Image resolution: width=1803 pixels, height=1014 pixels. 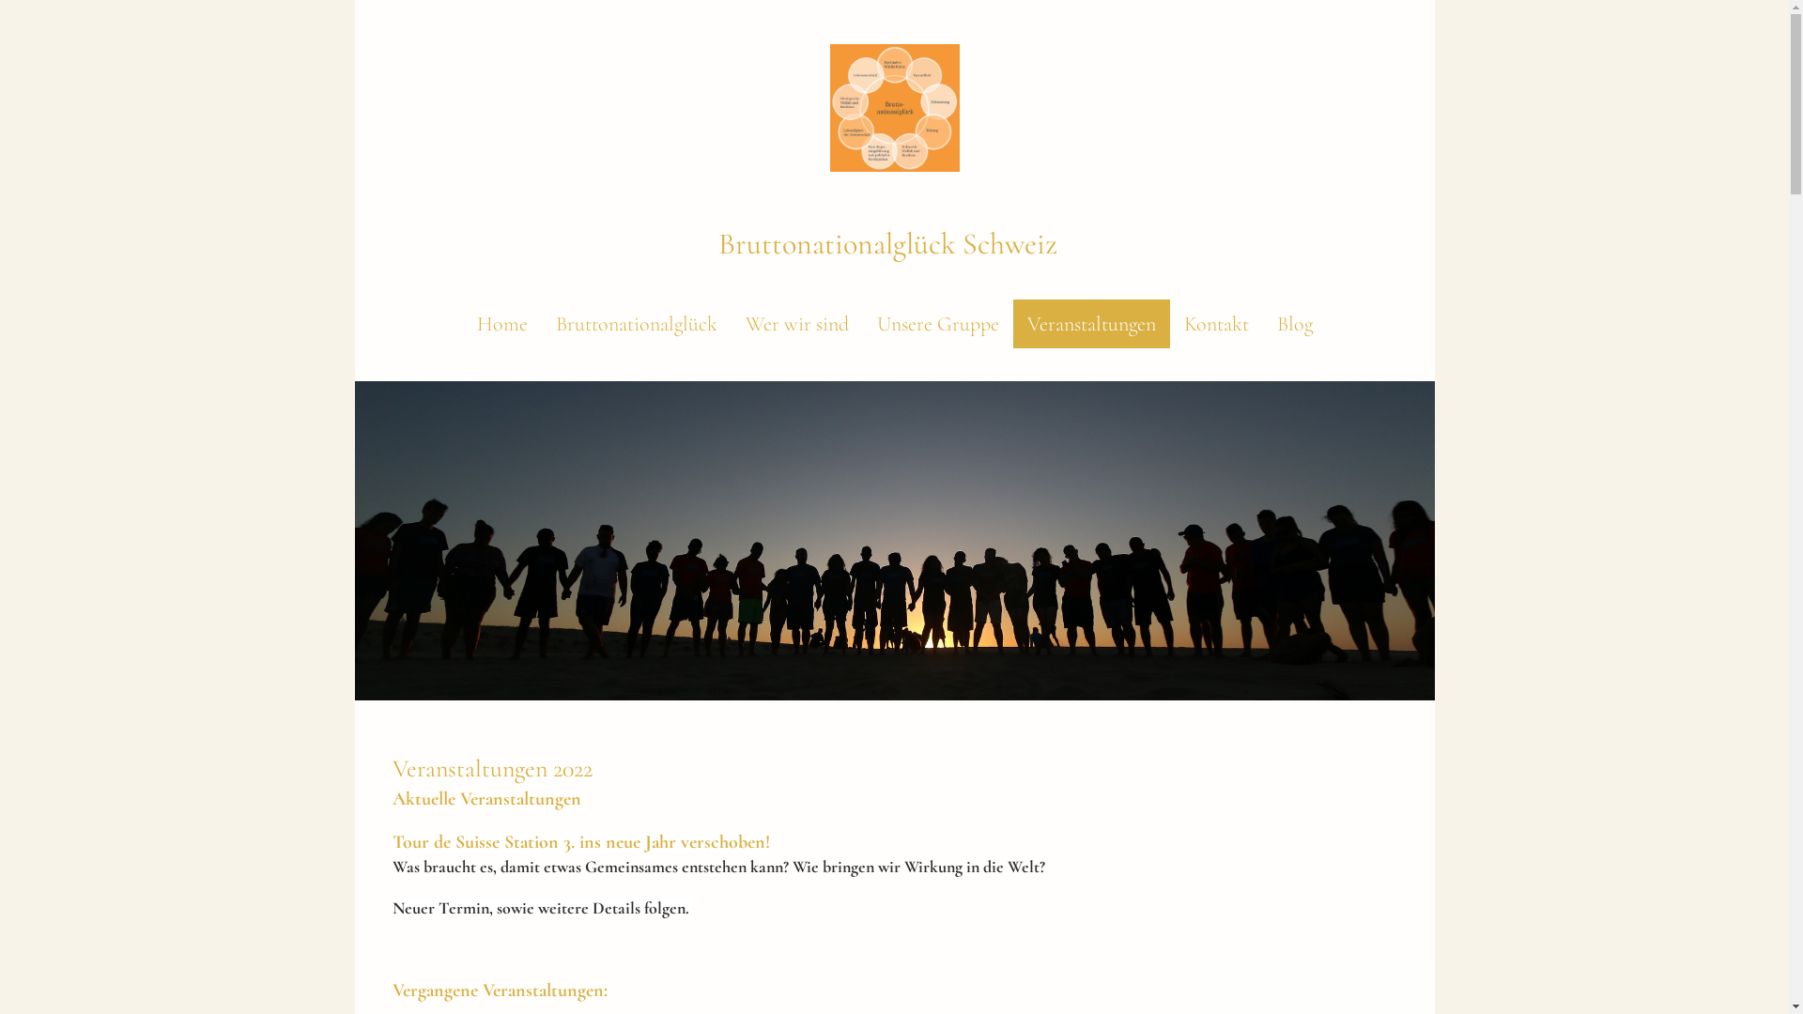 I want to click on 'Wer wir sind', so click(x=796, y=322).